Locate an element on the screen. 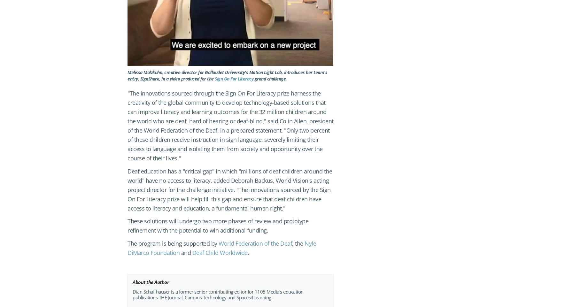 The image size is (565, 307). 'Deaf Child Worldwide' is located at coordinates (191, 252).